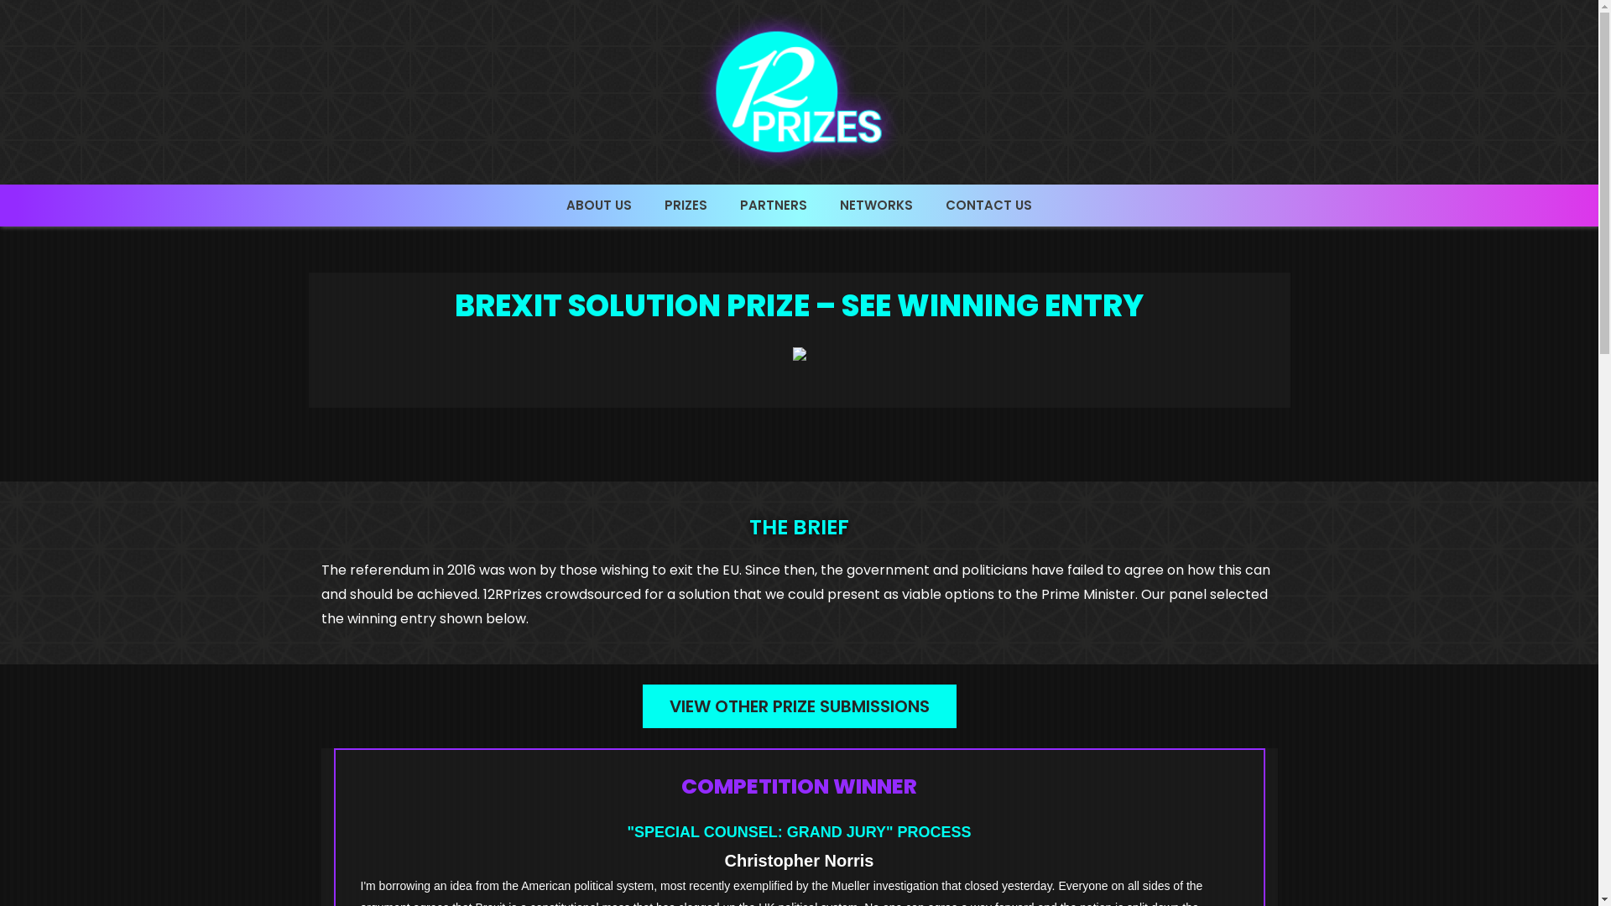  What do you see at coordinates (875, 205) in the screenshot?
I see `'NETWORKS'` at bounding box center [875, 205].